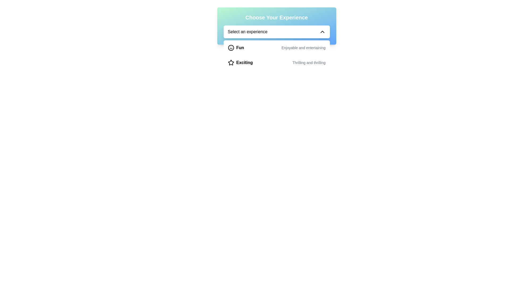  I want to click on the star icon representing the 'Exciting' choice in the dropdown menu, which is located near the text 'Exciting', so click(231, 62).